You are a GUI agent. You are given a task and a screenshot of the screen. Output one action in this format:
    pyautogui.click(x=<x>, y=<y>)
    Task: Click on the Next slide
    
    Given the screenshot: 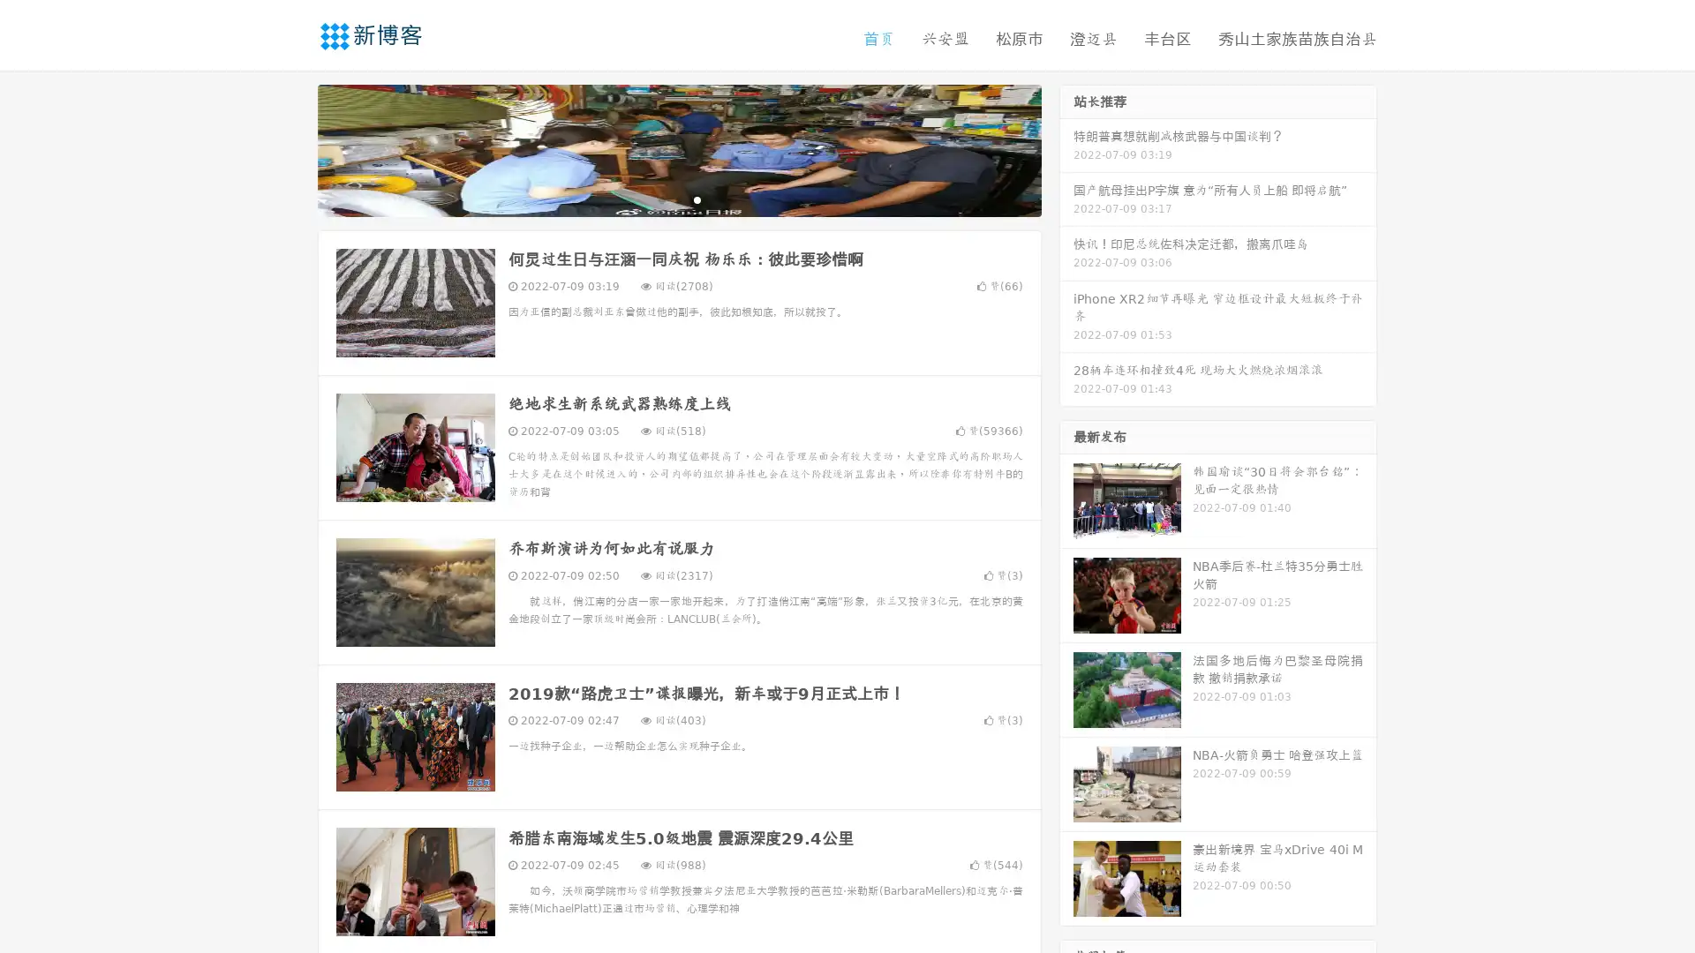 What is the action you would take?
    pyautogui.click(x=1066, y=148)
    